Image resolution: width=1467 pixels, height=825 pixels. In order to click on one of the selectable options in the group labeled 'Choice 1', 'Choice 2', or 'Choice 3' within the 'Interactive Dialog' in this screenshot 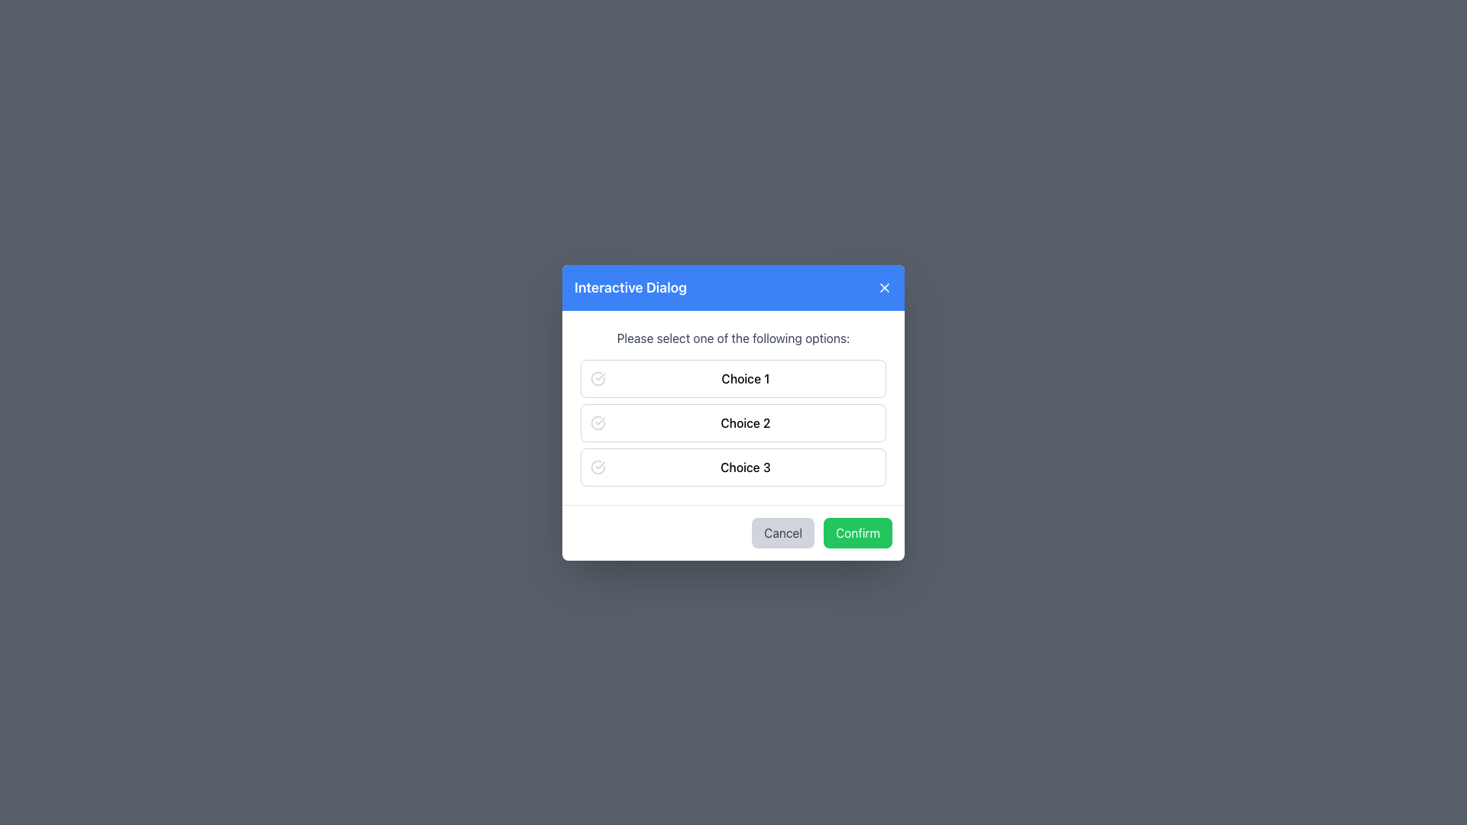, I will do `click(733, 422)`.